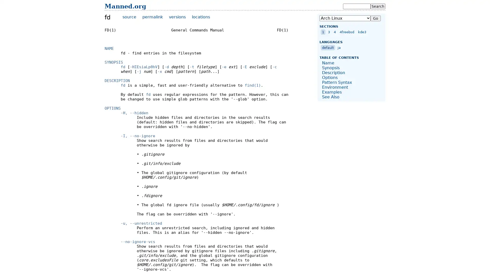 The image size is (490, 276). Describe the element at coordinates (376, 18) in the screenshot. I see `Go` at that location.